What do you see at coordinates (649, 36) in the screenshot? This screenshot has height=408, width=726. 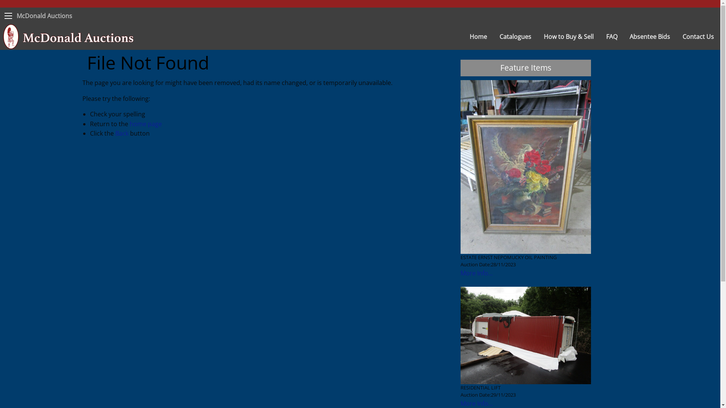 I see `'Absentee Bids'` at bounding box center [649, 36].